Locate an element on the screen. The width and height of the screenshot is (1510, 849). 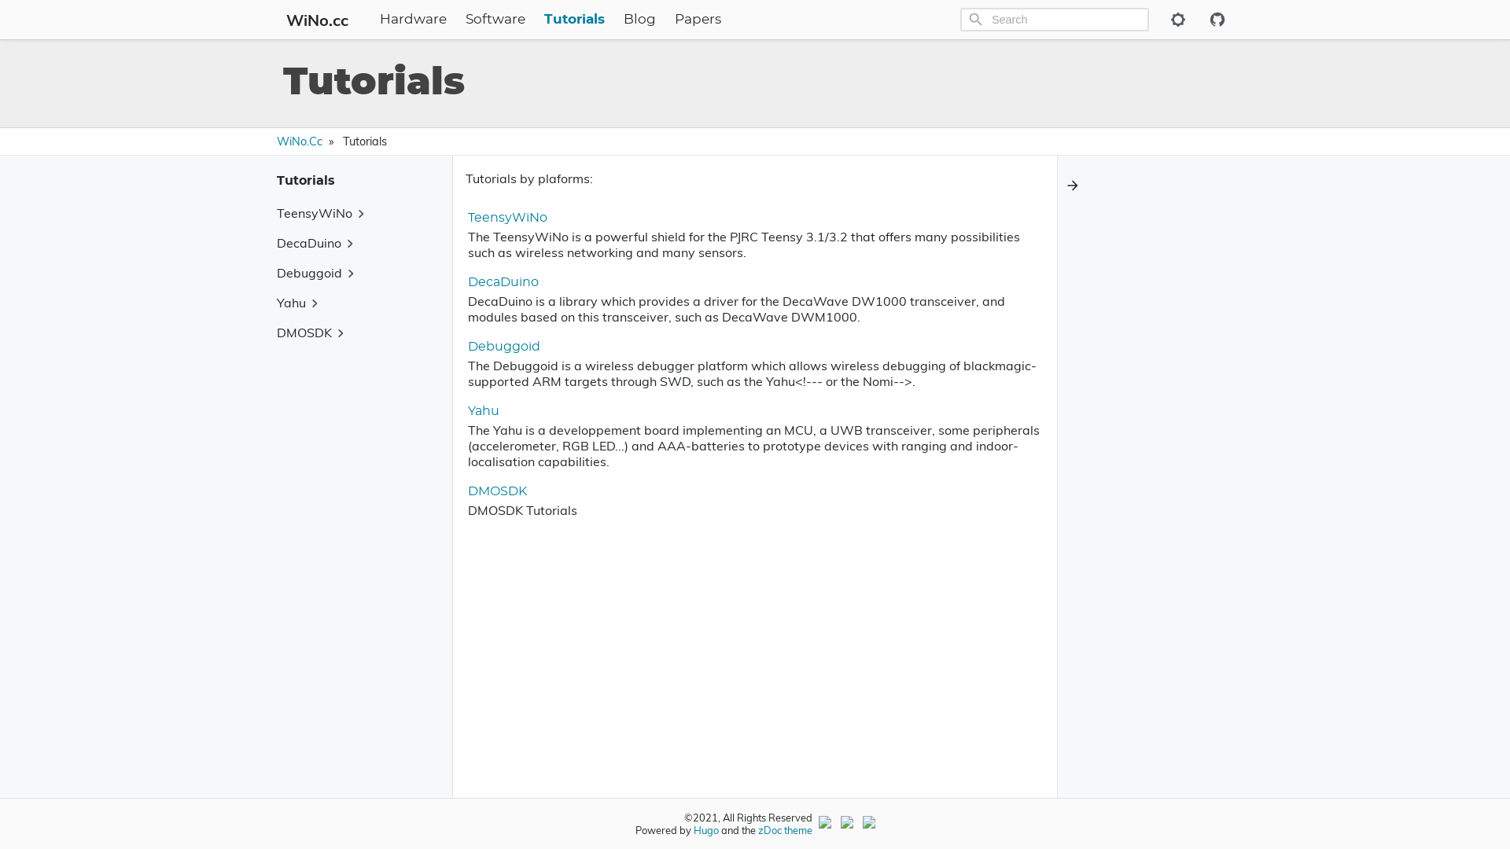
'Hugo' is located at coordinates (705, 829).